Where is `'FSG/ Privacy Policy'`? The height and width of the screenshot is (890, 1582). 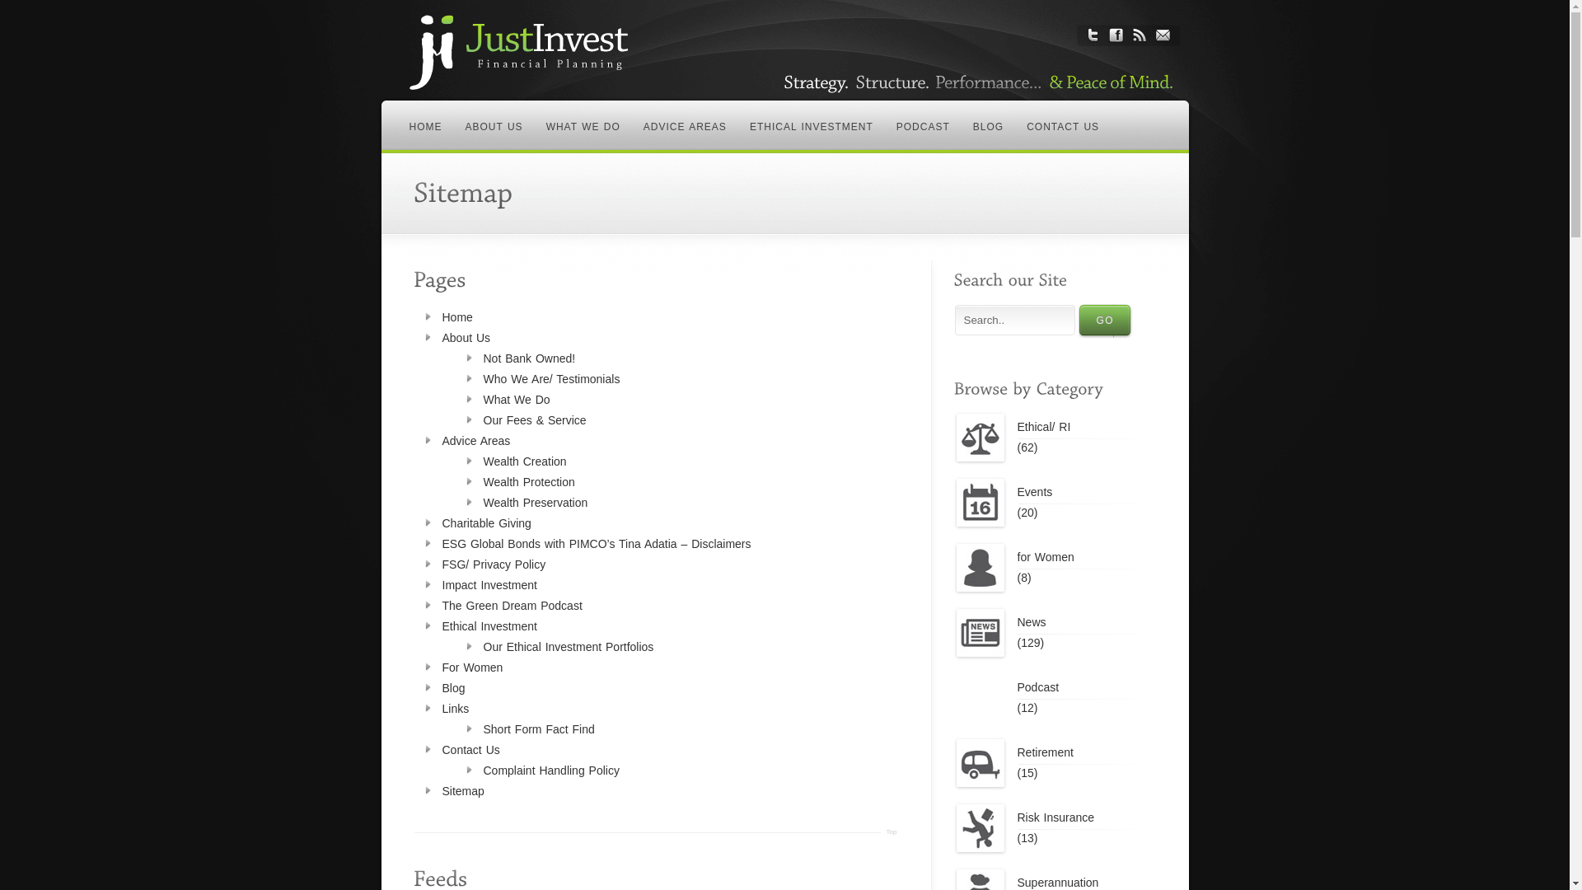
'FSG/ Privacy Policy' is located at coordinates (493, 564).